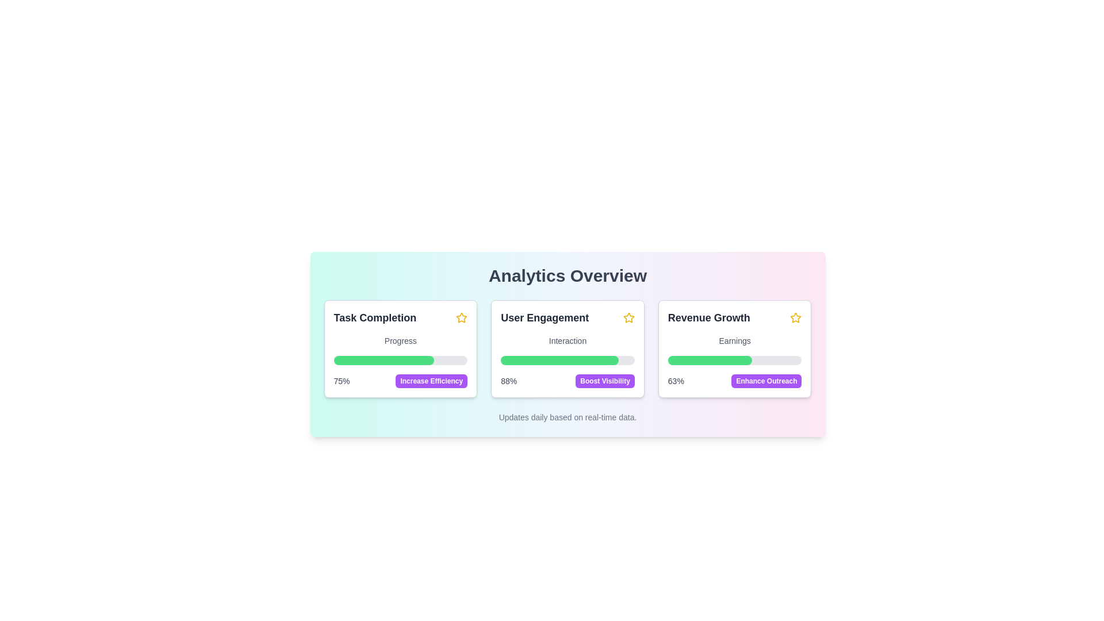 The image size is (1104, 621). Describe the element at coordinates (508, 381) in the screenshot. I see `the text label displaying '88%' within the 'User Engagement' card, which is styled in gray color and medium weight, positioned to the left of the 'Boost Visibility' button` at that location.